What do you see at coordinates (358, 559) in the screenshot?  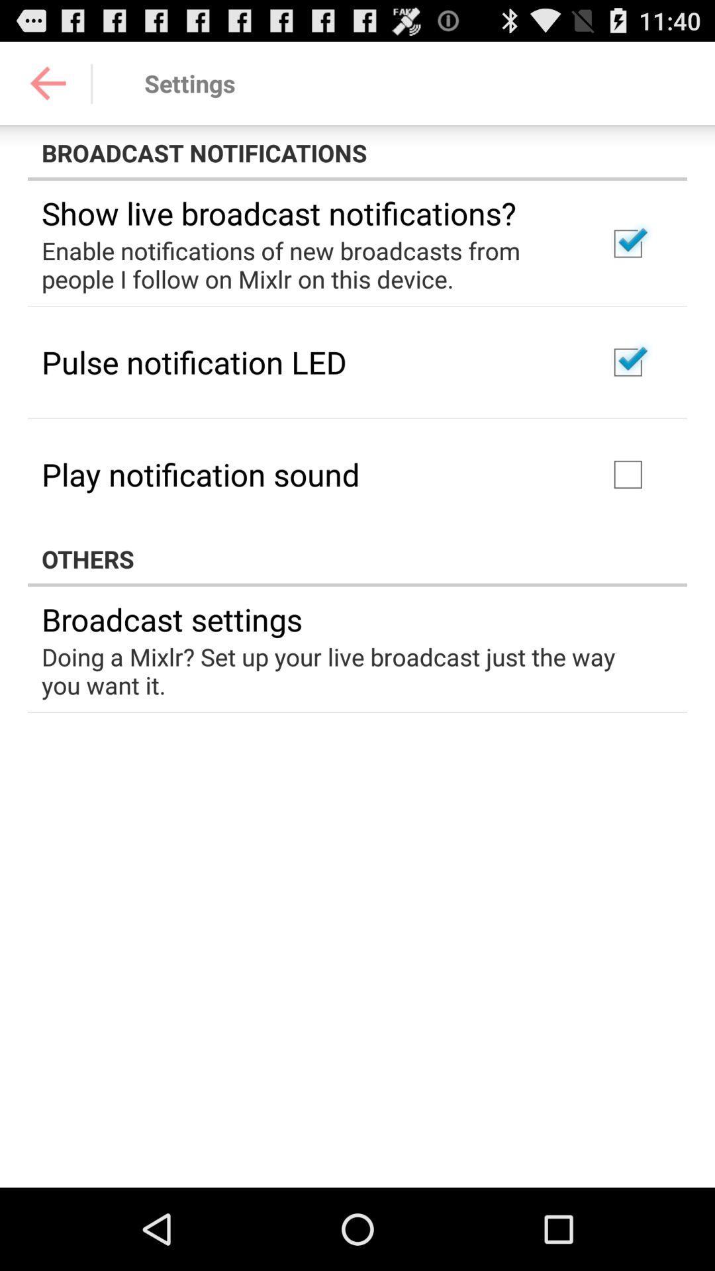 I see `the icon above the broadcast settings item` at bounding box center [358, 559].